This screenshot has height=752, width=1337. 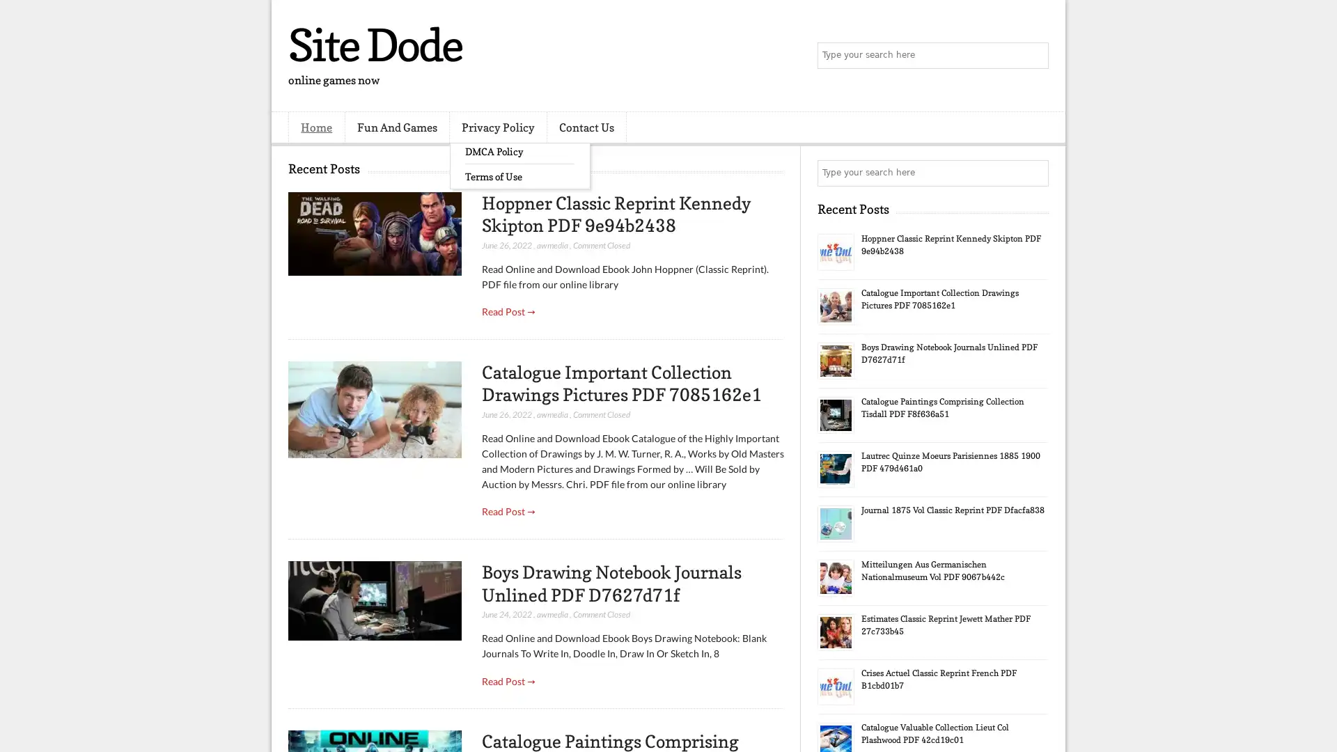 I want to click on Search, so click(x=1034, y=173).